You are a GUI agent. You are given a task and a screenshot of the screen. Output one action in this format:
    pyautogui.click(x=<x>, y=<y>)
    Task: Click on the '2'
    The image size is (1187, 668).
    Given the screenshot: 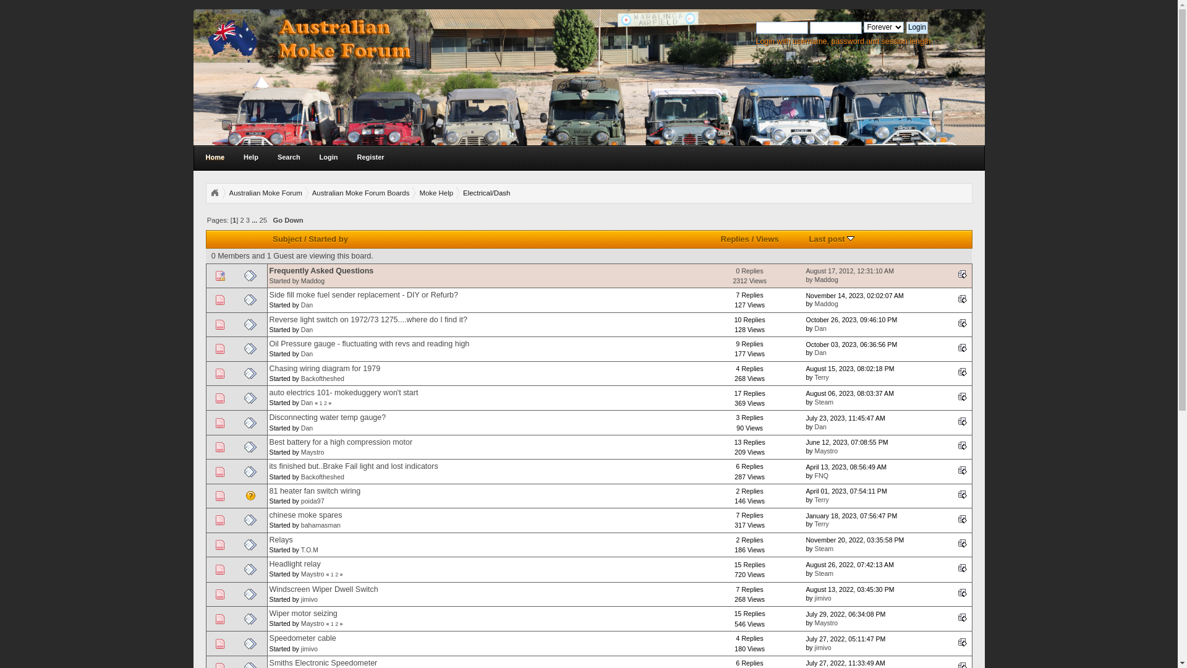 What is the action you would take?
    pyautogui.click(x=325, y=403)
    